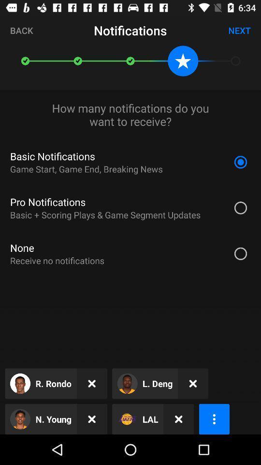 The height and width of the screenshot is (465, 261). Describe the element at coordinates (214, 418) in the screenshot. I see `show more` at that location.